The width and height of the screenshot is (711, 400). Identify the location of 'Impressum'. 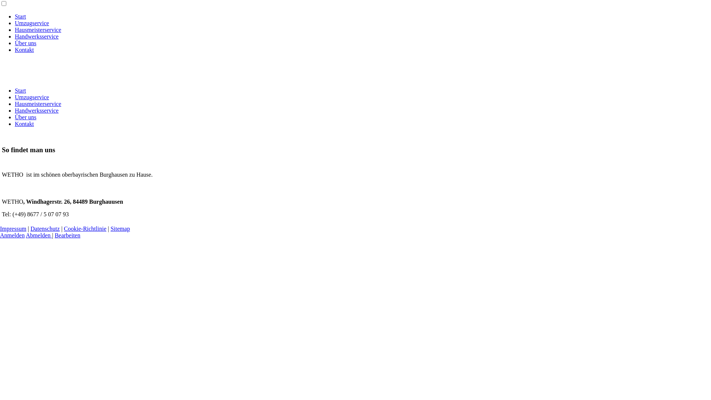
(13, 228).